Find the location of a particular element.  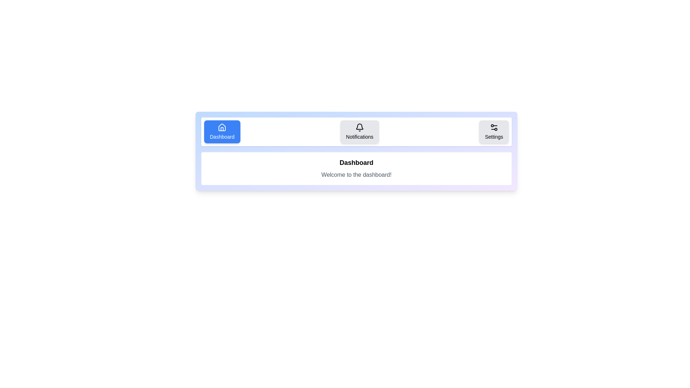

the tab labeled Settings is located at coordinates (493, 131).